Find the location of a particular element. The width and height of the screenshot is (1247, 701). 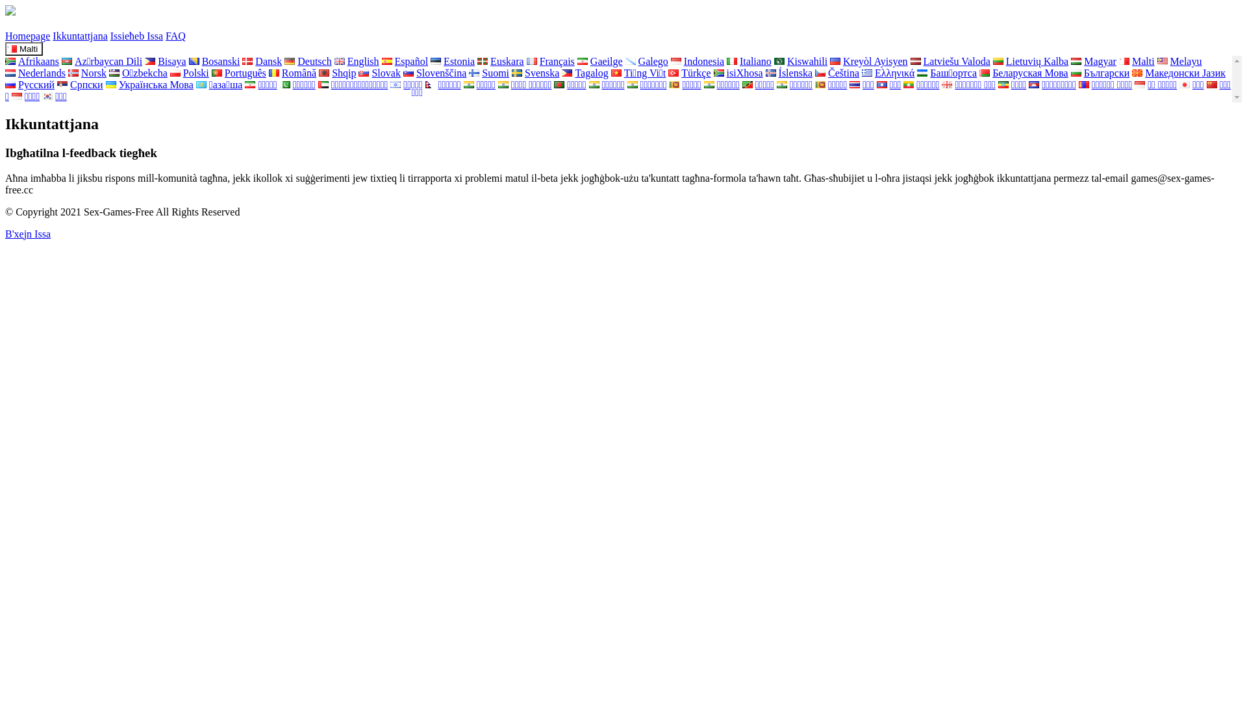

'Malti' is located at coordinates (1136, 61).